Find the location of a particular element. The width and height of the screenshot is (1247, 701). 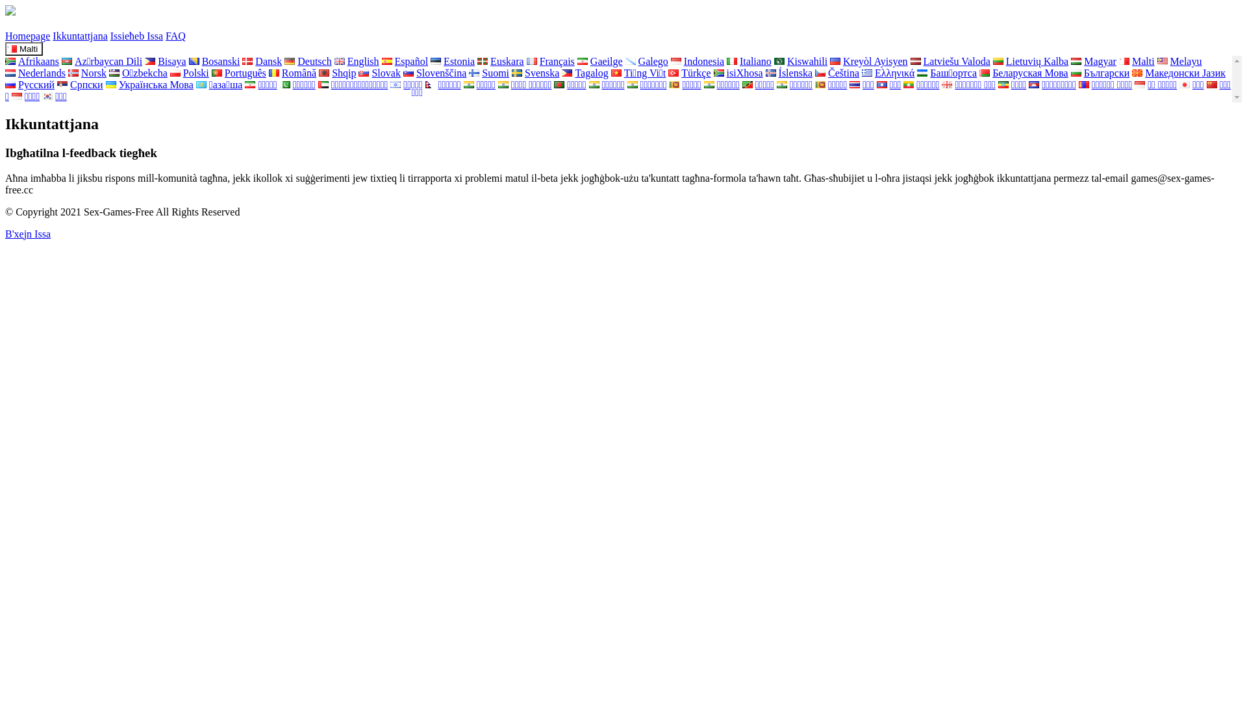

'Malti' is located at coordinates (1136, 61).